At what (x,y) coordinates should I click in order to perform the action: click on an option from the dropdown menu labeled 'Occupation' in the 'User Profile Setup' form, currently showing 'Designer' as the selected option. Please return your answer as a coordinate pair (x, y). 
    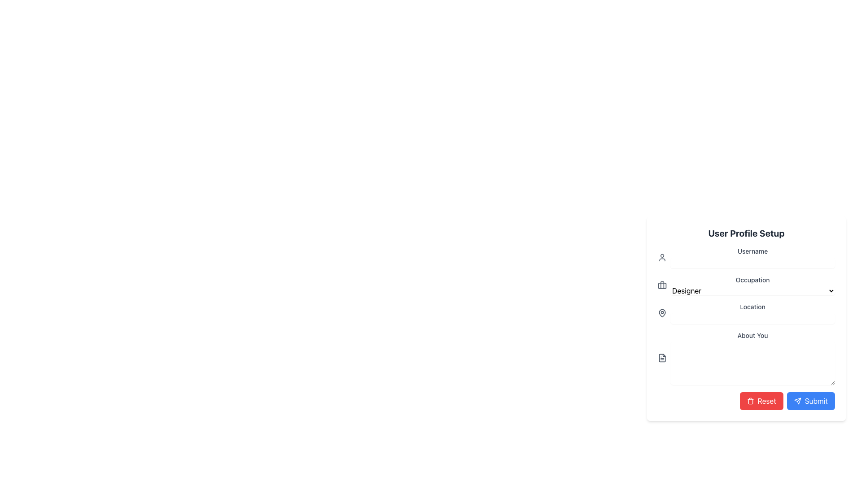
    Looking at the image, I should click on (752, 285).